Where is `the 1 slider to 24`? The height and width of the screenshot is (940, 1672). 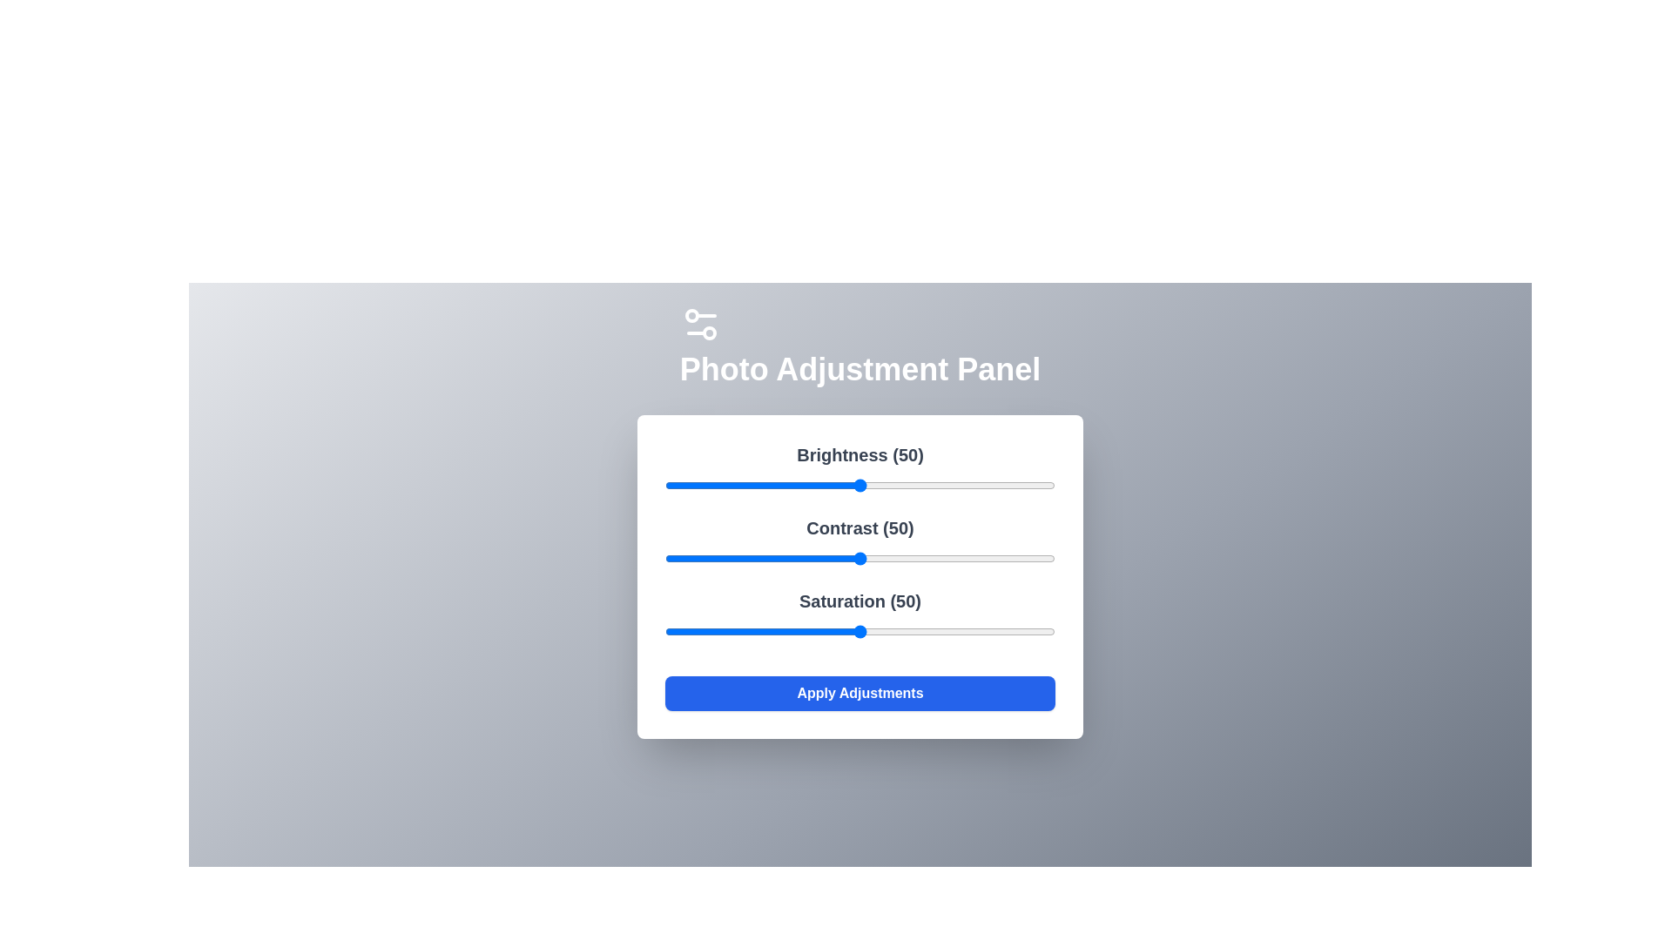
the 1 slider to 24 is located at coordinates (758, 558).